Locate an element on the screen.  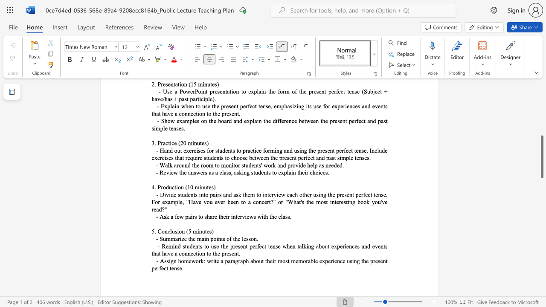
the subset text "Ask a few pairs to share their interviews with the class" within the text "- Ask a few pairs to share their interviews with the class." is located at coordinates (160, 216).